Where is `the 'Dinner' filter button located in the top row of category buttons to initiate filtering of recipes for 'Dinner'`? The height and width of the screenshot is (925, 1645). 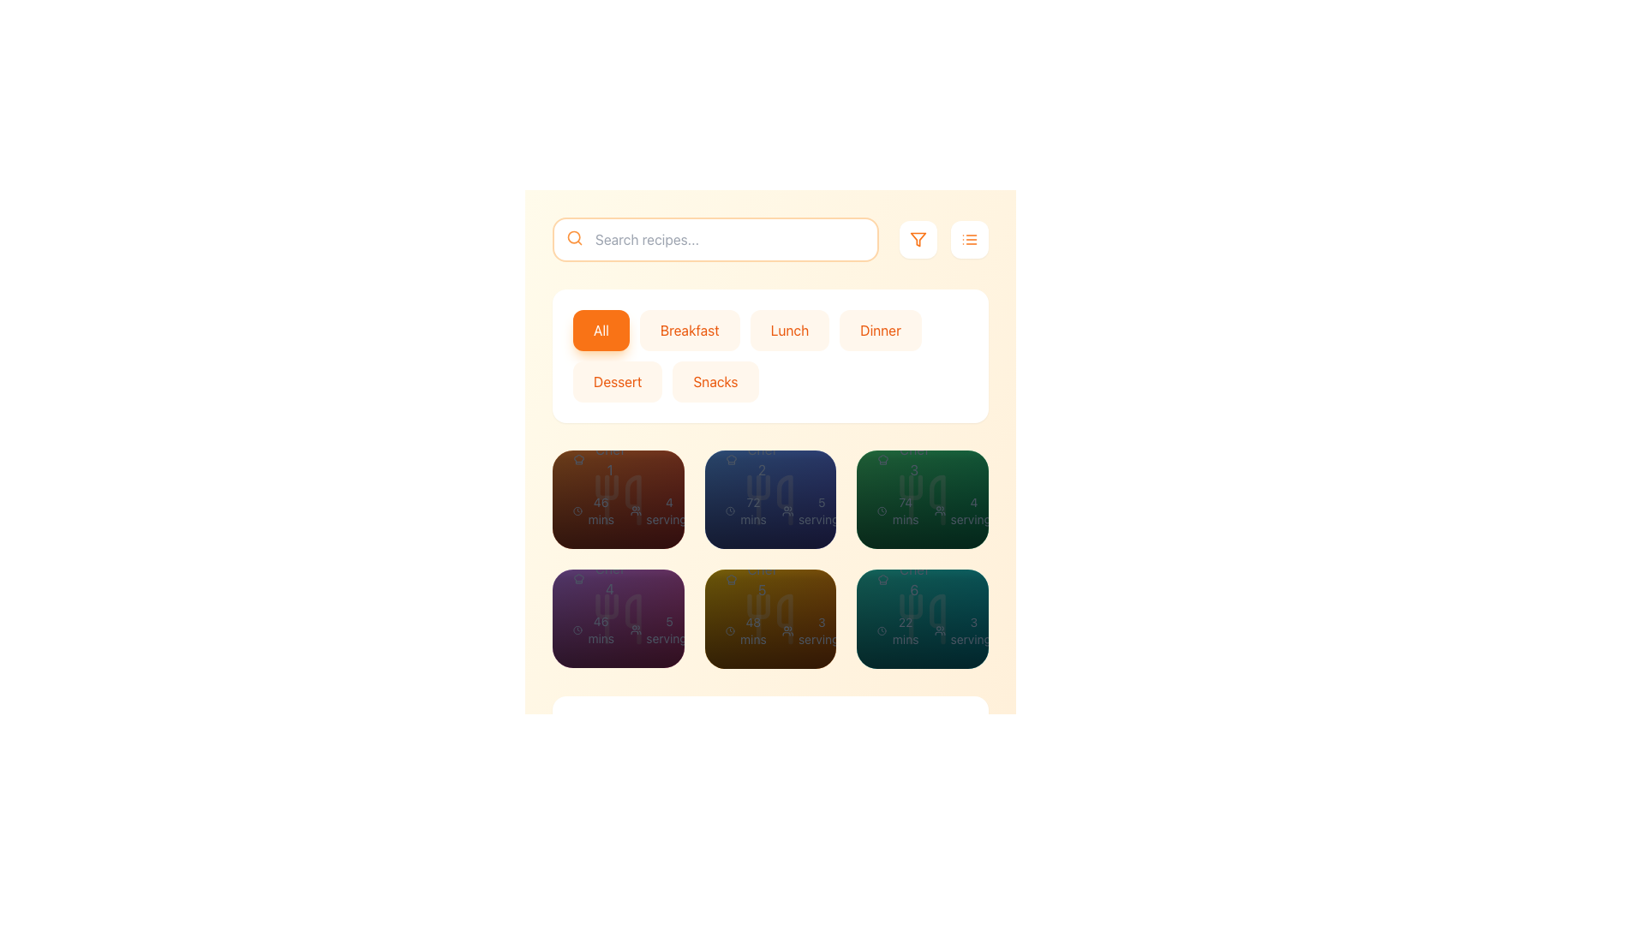
the 'Dinner' filter button located in the top row of category buttons to initiate filtering of recipes for 'Dinner' is located at coordinates (880, 330).